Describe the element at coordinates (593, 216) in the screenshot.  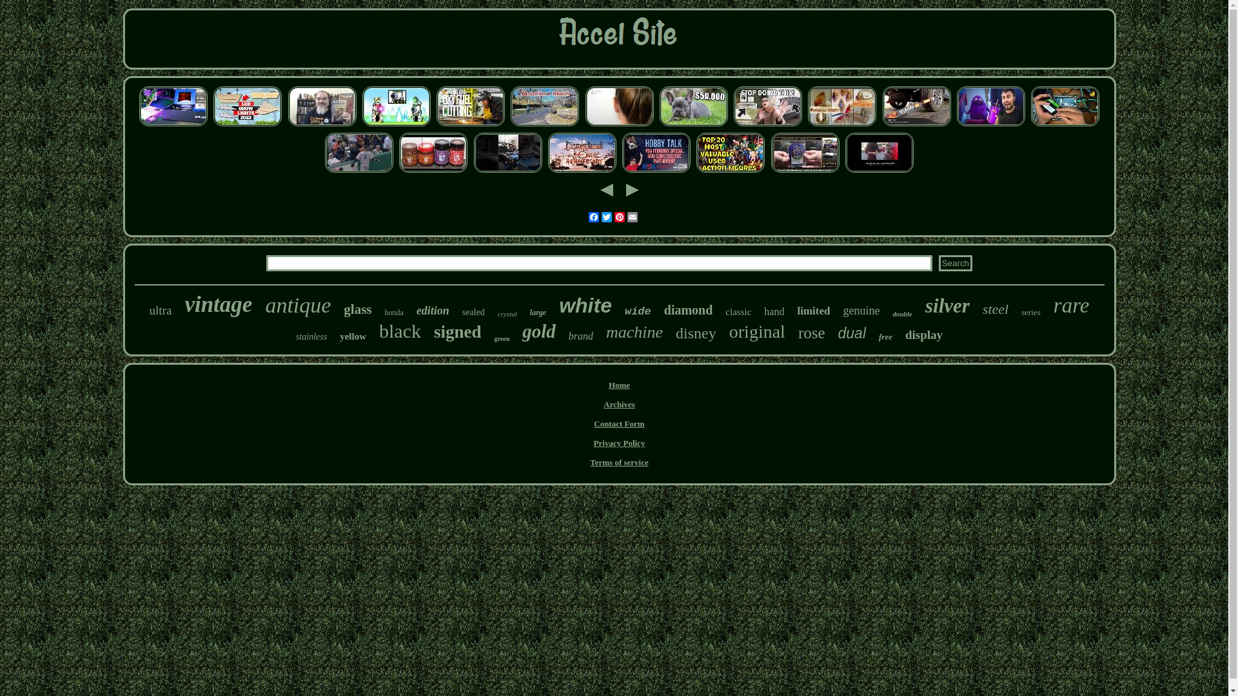
I see `'Facebook'` at that location.